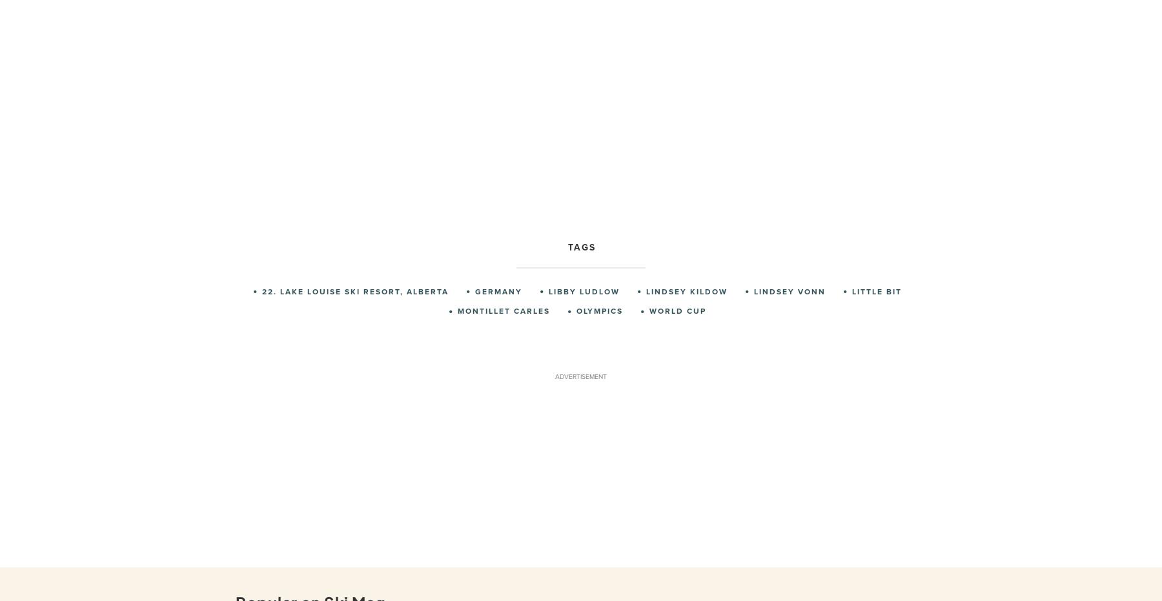 The width and height of the screenshot is (1162, 601). I want to click on 'world cup', so click(677, 311).